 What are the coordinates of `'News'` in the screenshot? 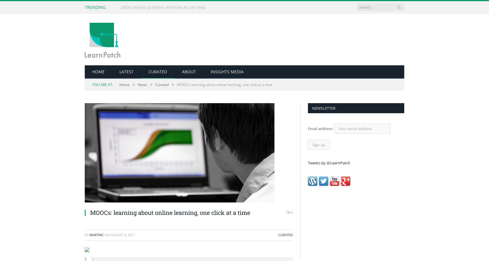 It's located at (142, 85).